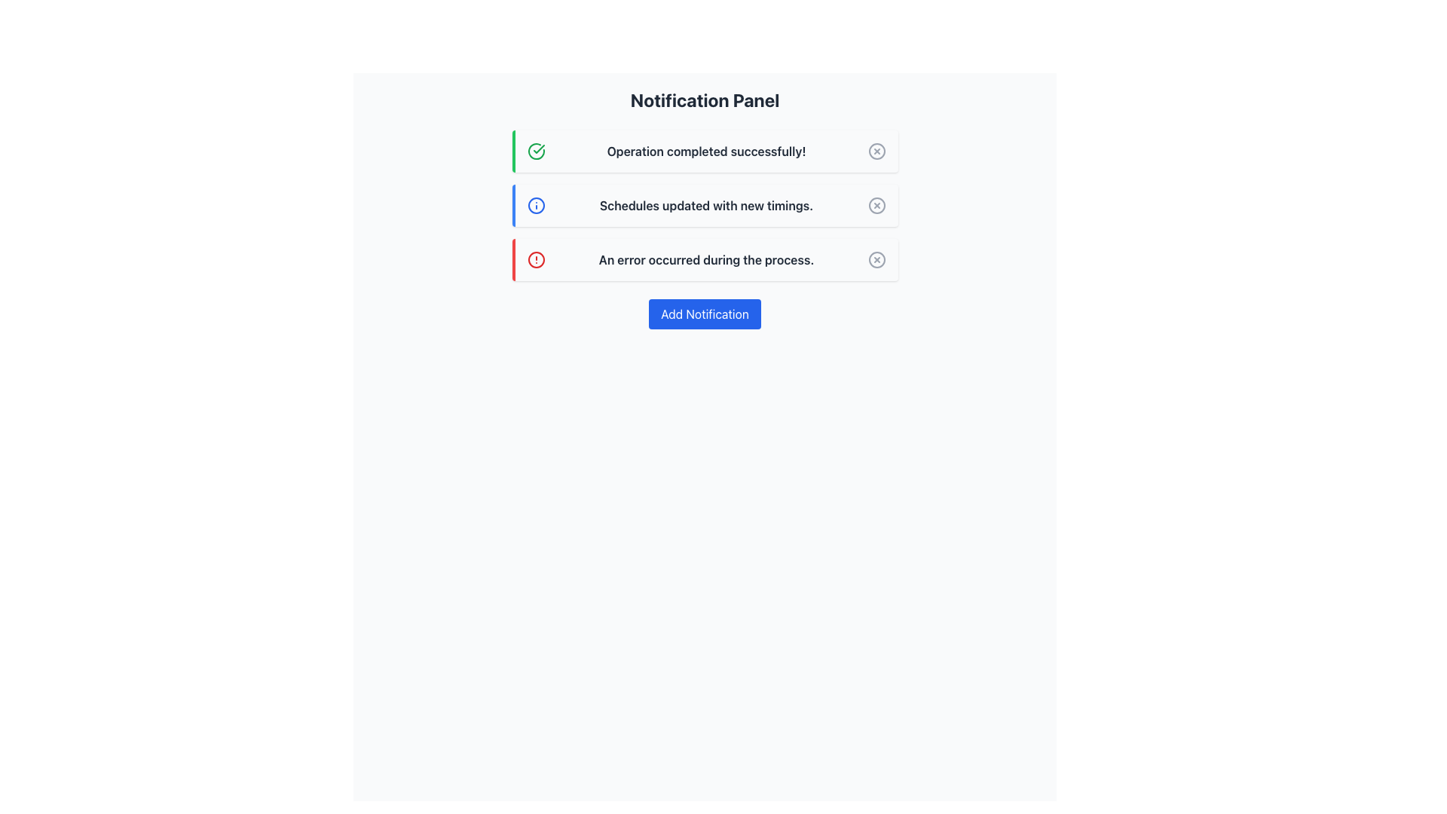  I want to click on the dismiss button located at the far right side of the notification box with green borders, which contains the success message 'Operation completed successfully!', so click(876, 151).